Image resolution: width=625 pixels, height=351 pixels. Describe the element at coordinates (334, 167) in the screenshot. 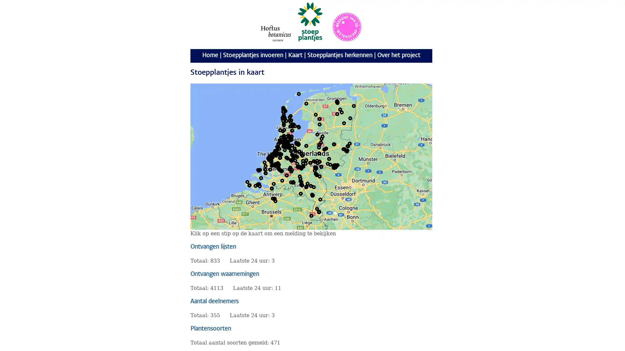

I see `Telling van op 29 april 2022` at that location.